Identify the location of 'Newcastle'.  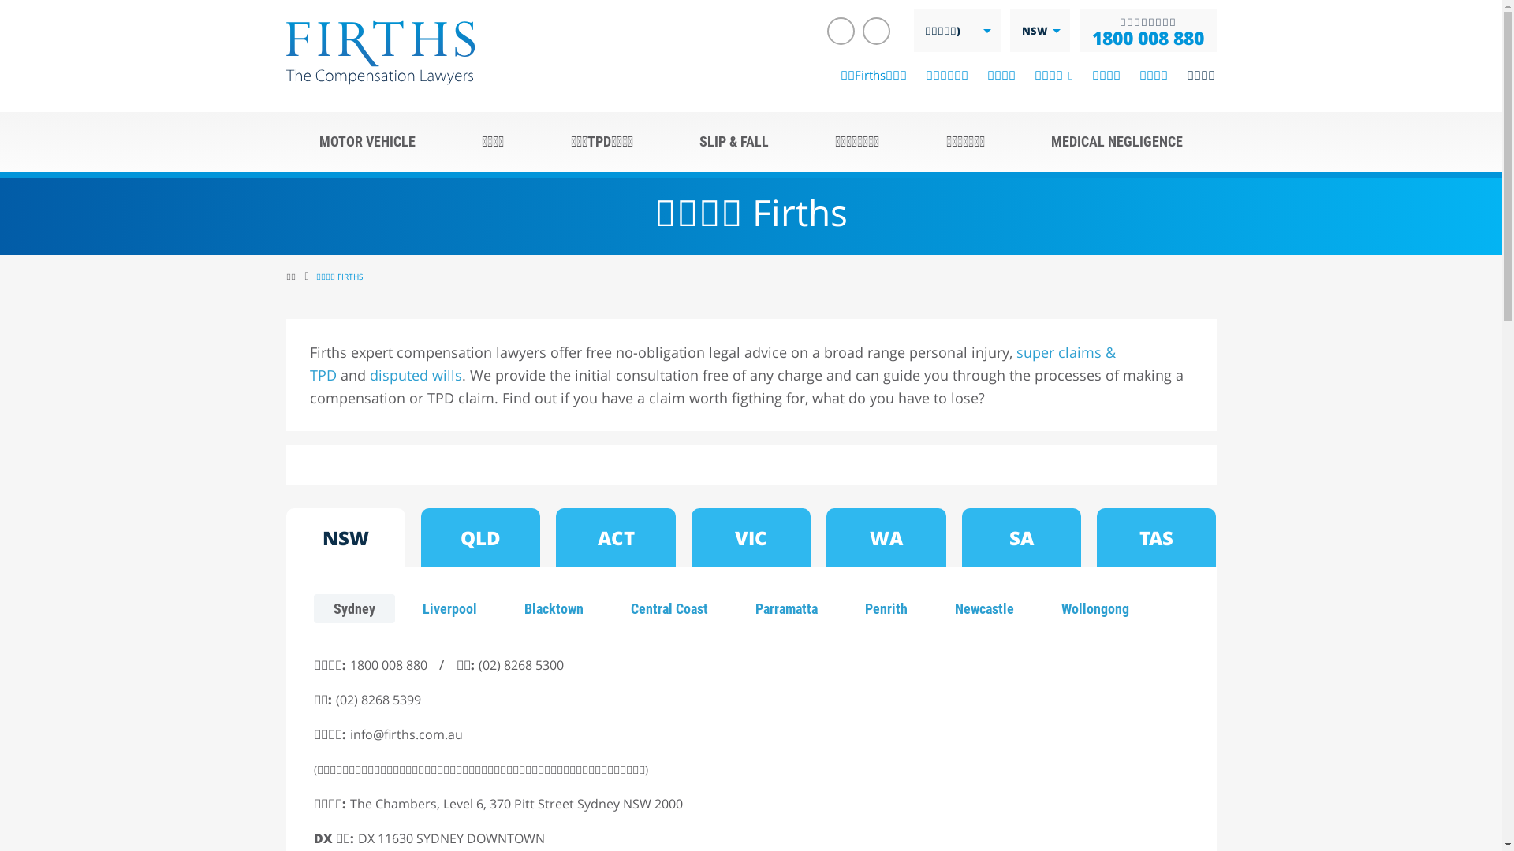
(983, 608).